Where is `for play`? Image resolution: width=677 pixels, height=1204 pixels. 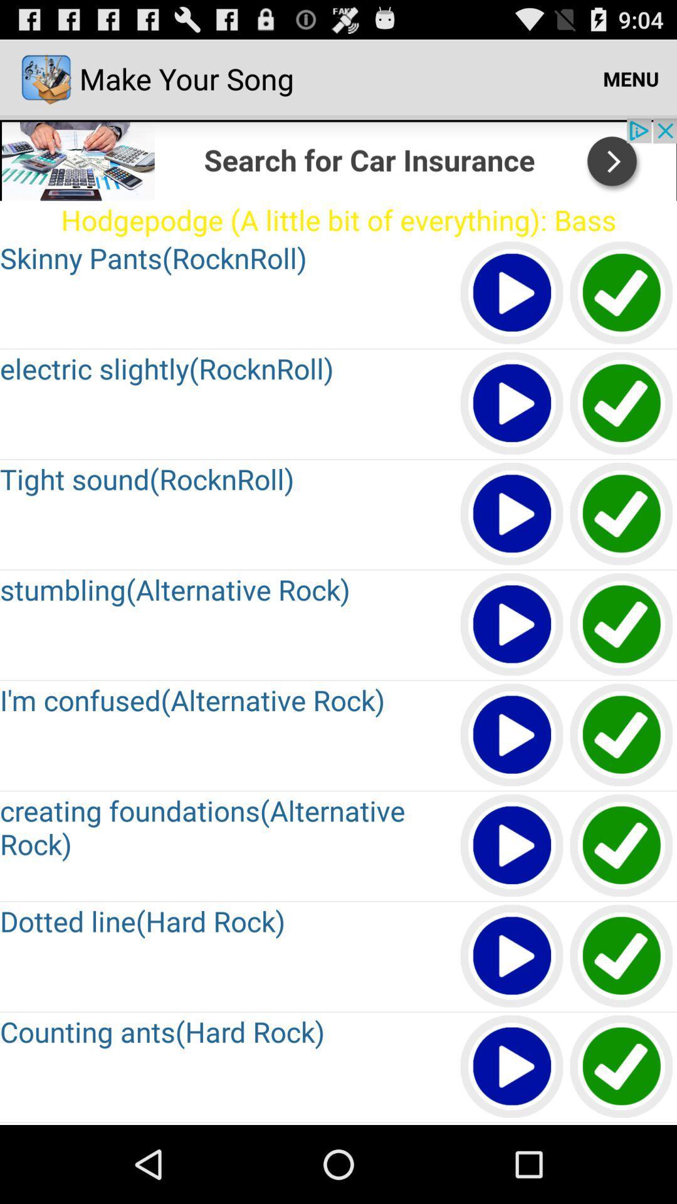
for play is located at coordinates (512, 625).